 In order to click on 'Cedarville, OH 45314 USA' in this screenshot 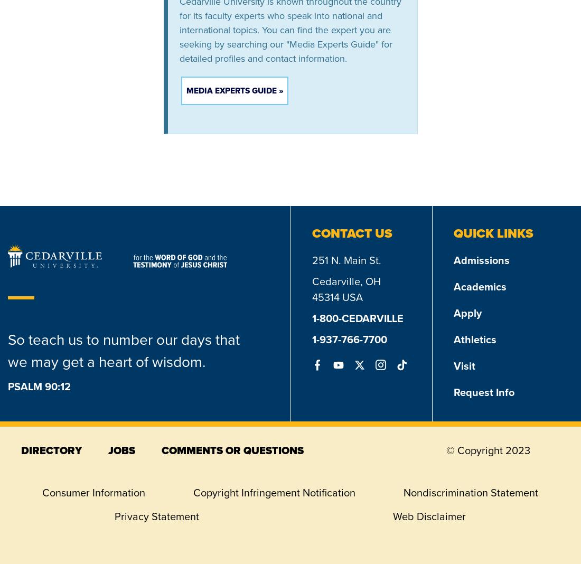, I will do `click(312, 288)`.